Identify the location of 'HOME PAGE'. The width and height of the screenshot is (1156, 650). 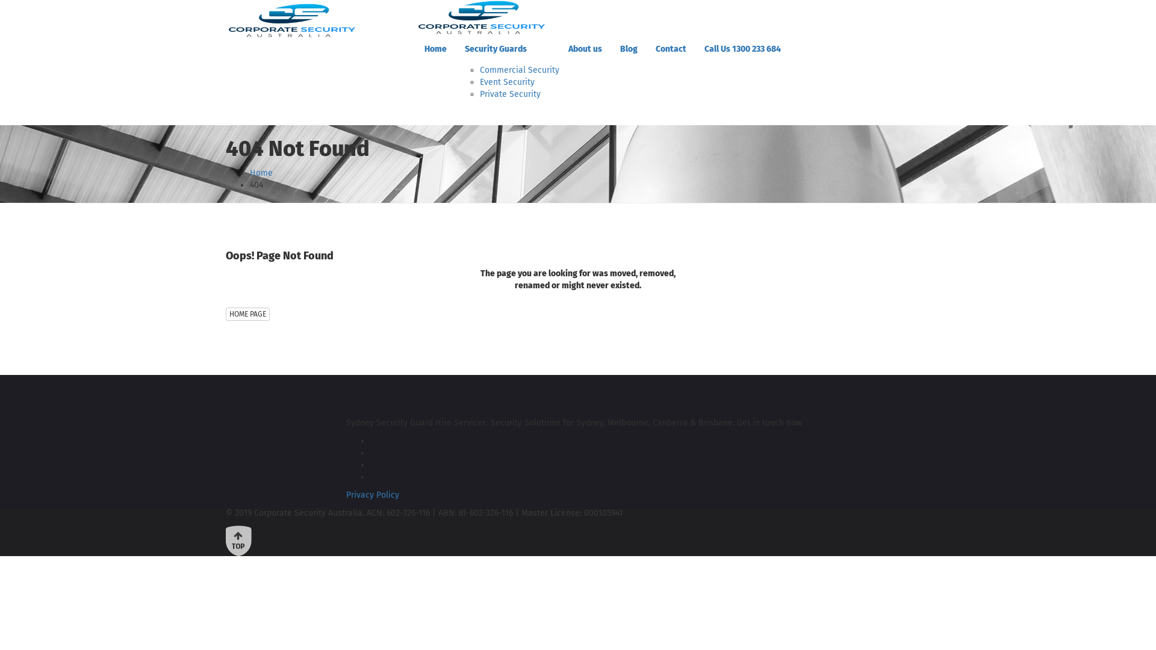
(247, 313).